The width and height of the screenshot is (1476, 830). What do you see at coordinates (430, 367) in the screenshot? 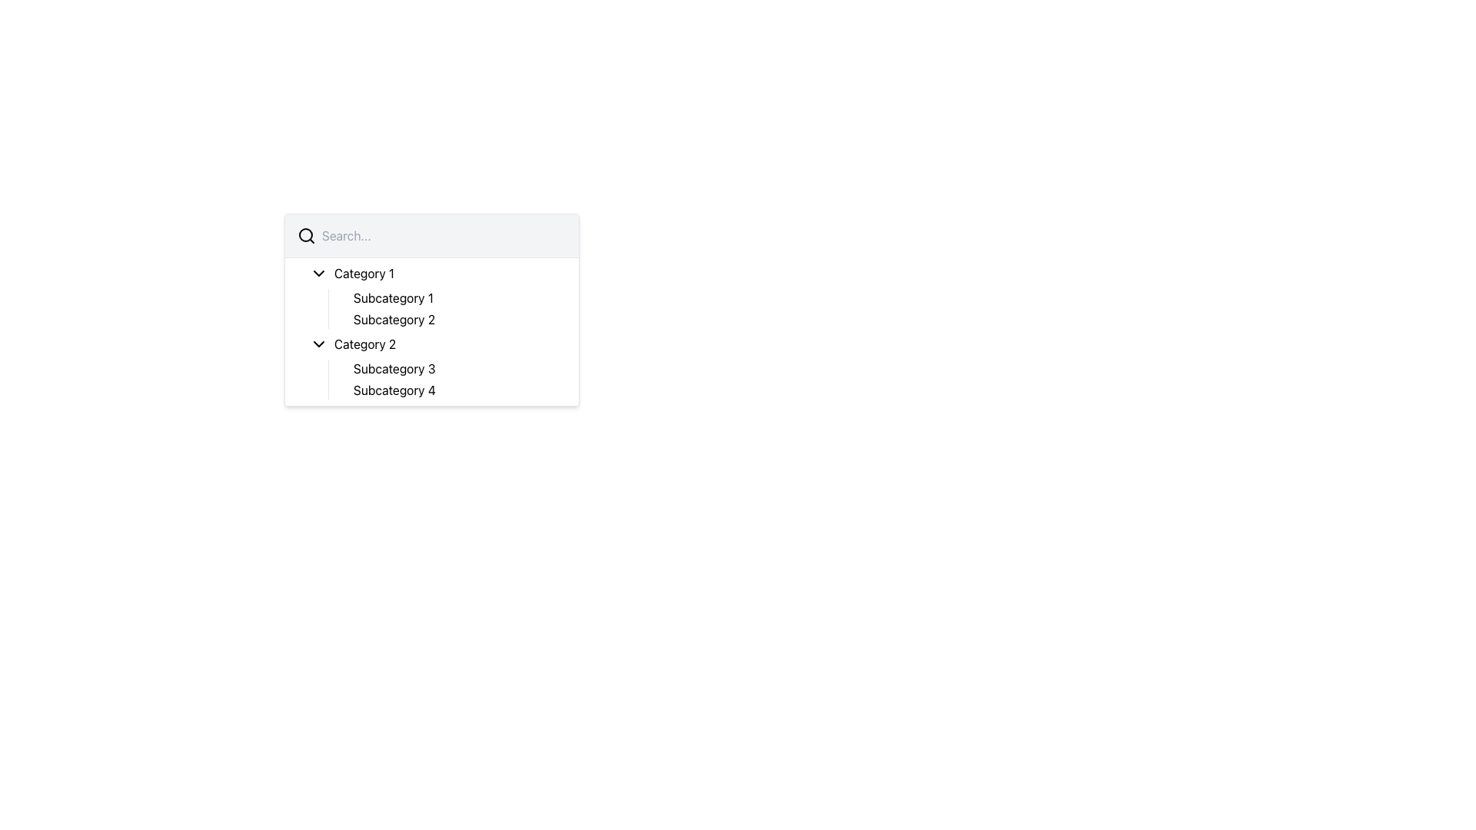
I see `the Hierarchical List Item displaying 'Category 2'` at bounding box center [430, 367].